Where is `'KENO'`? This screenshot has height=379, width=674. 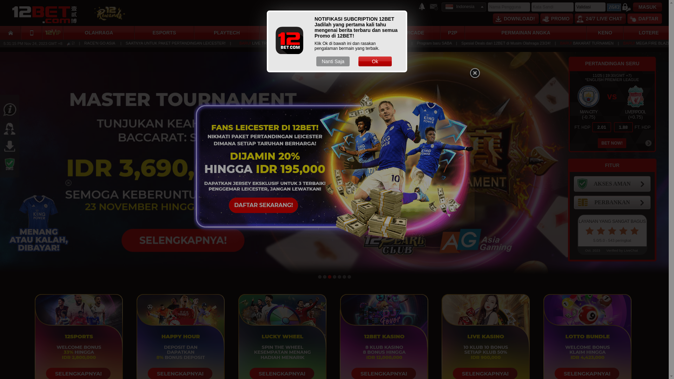
'KENO' is located at coordinates (586, 33).